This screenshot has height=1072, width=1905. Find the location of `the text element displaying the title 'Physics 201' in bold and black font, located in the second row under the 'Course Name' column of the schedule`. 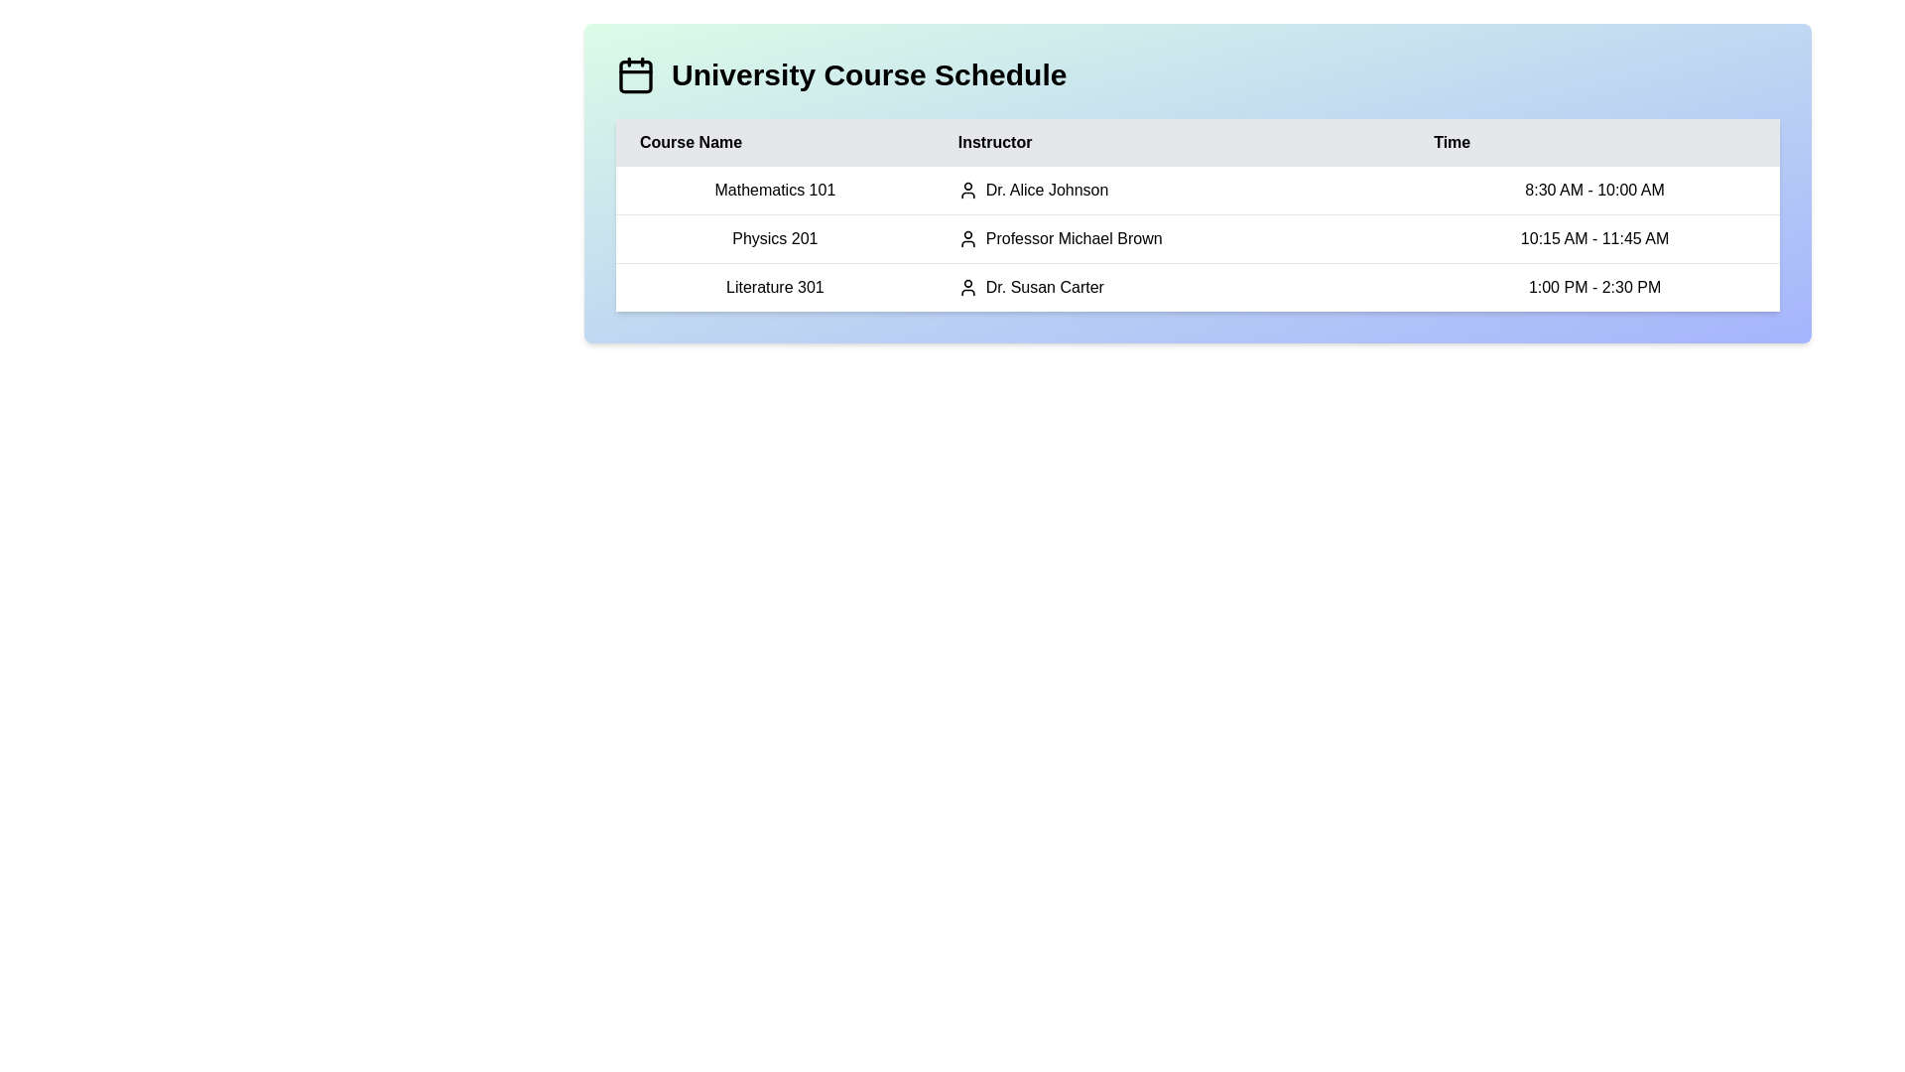

the text element displaying the title 'Physics 201' in bold and black font, located in the second row under the 'Course Name' column of the schedule is located at coordinates (774, 237).